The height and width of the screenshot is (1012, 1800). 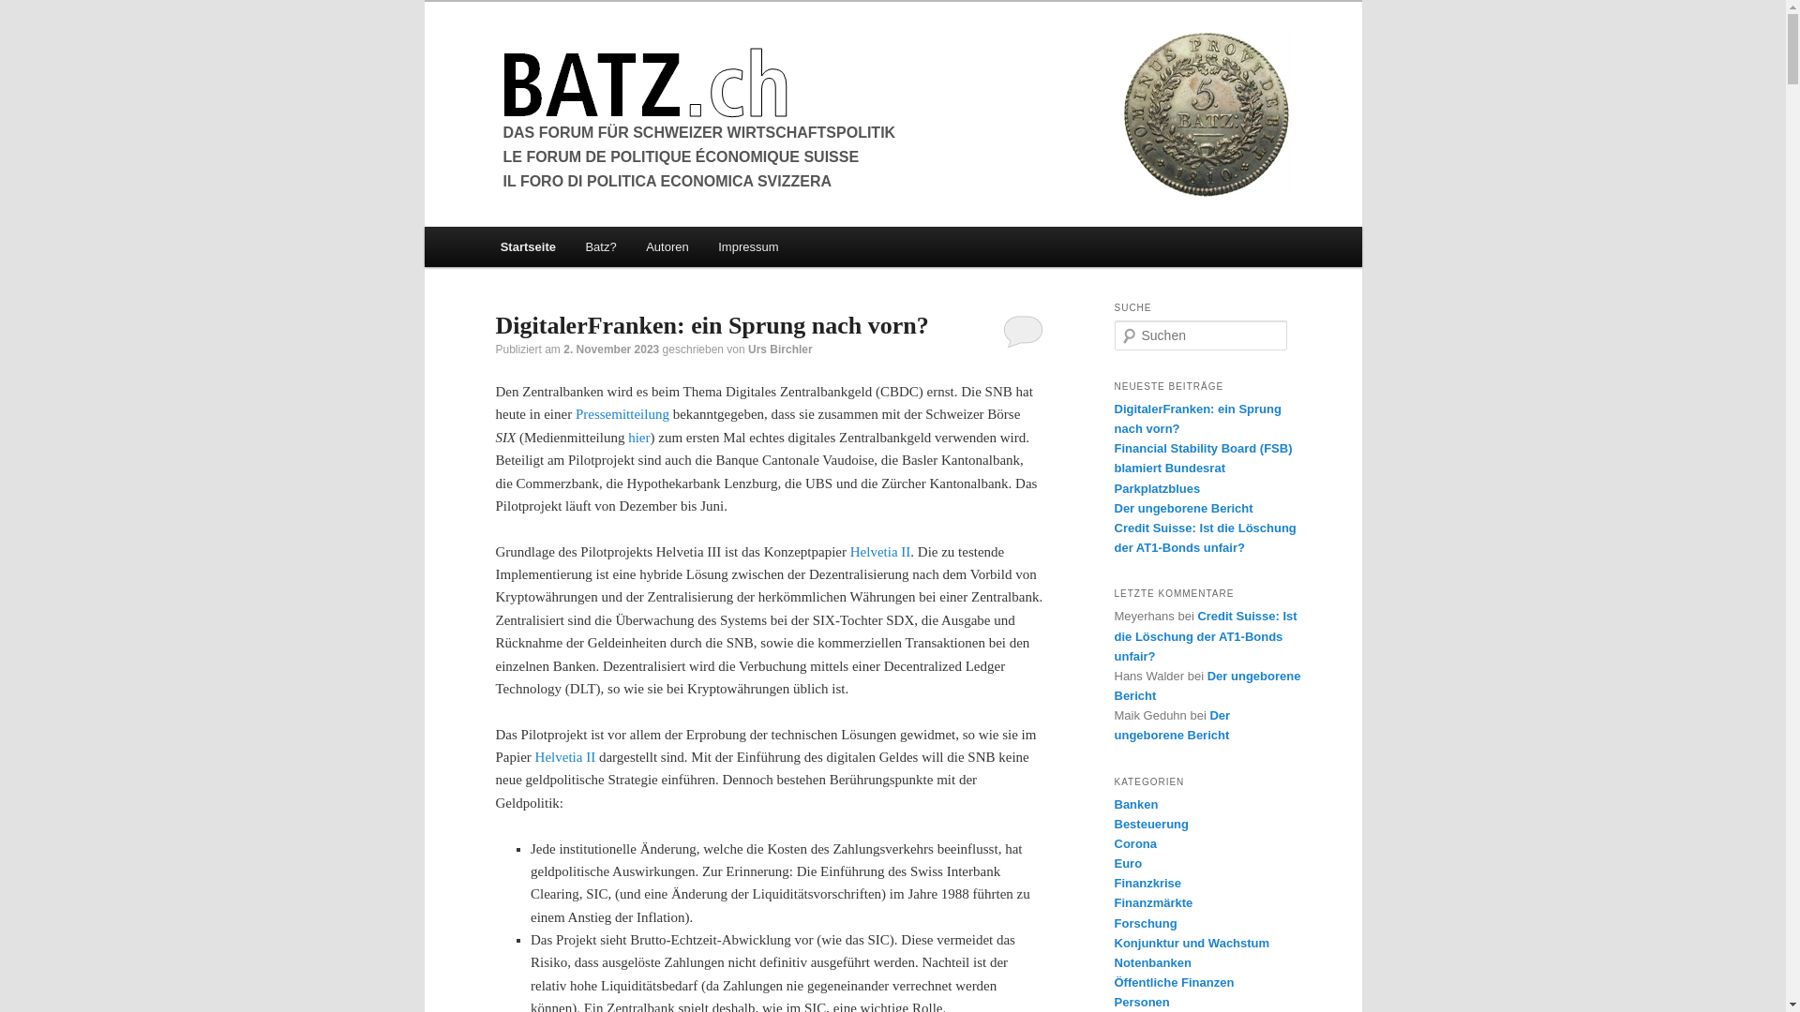 What do you see at coordinates (26, 13) in the screenshot?
I see `'Suchen'` at bounding box center [26, 13].